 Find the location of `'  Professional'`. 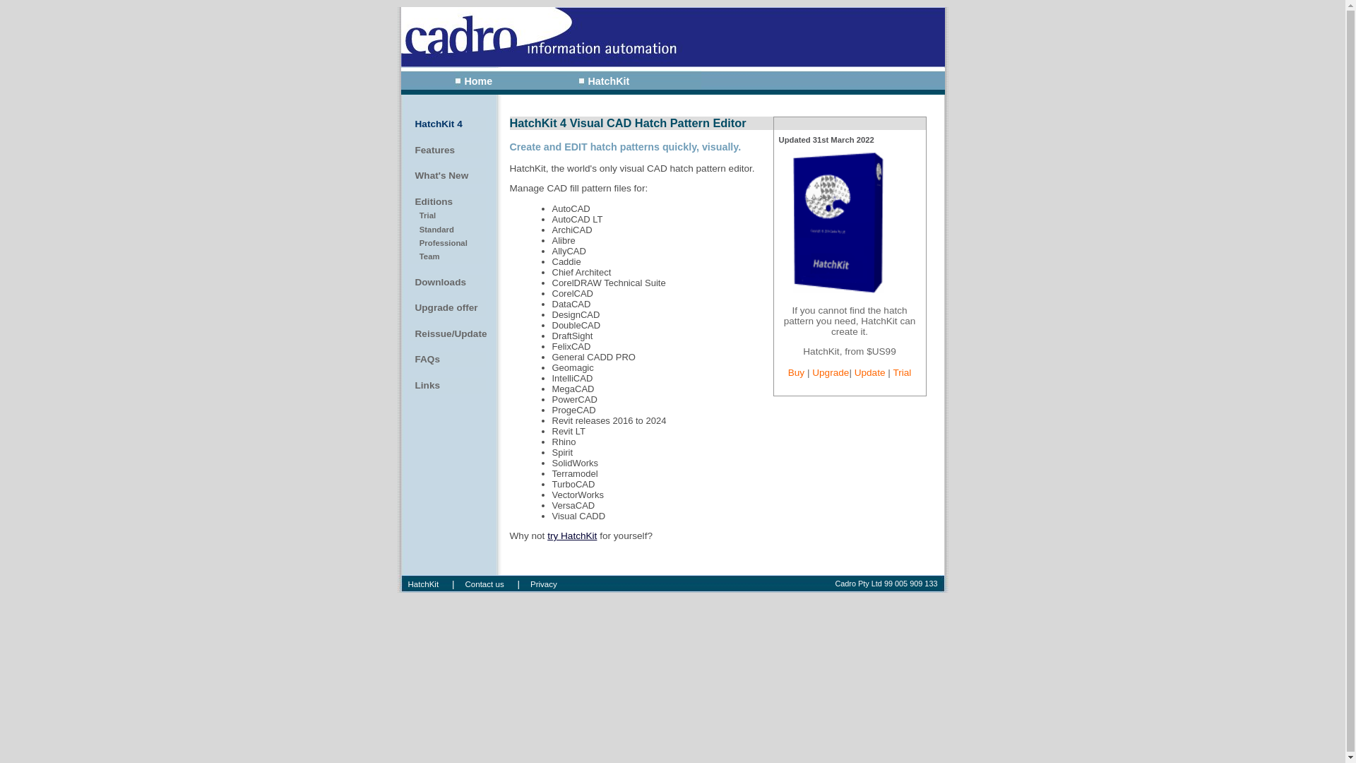

'  Professional' is located at coordinates (446, 242).